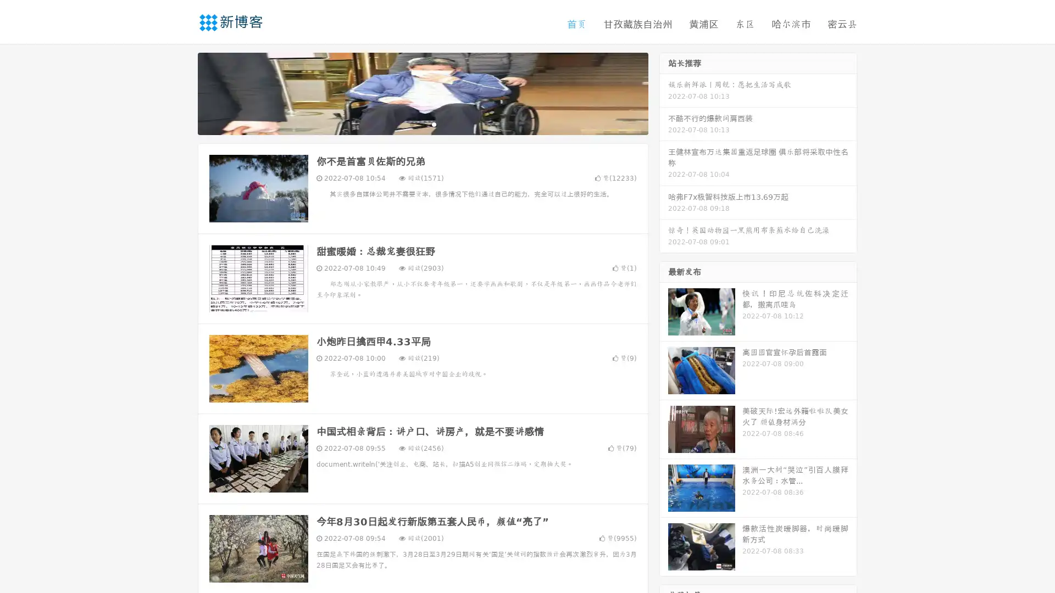 This screenshot has width=1055, height=593. What do you see at coordinates (664, 92) in the screenshot?
I see `Next slide` at bounding box center [664, 92].